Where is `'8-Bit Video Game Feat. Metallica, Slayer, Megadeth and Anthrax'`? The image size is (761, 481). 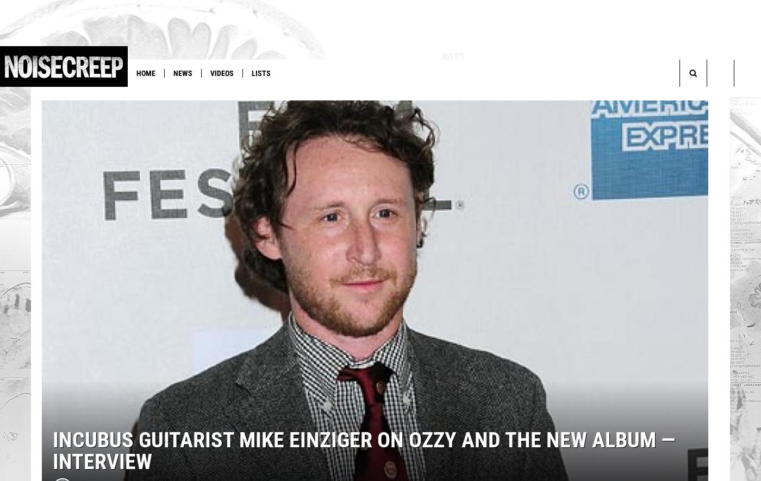
'8-Bit Video Game Feat. Metallica, Slayer, Megadeth and Anthrax' is located at coordinates (477, 94).